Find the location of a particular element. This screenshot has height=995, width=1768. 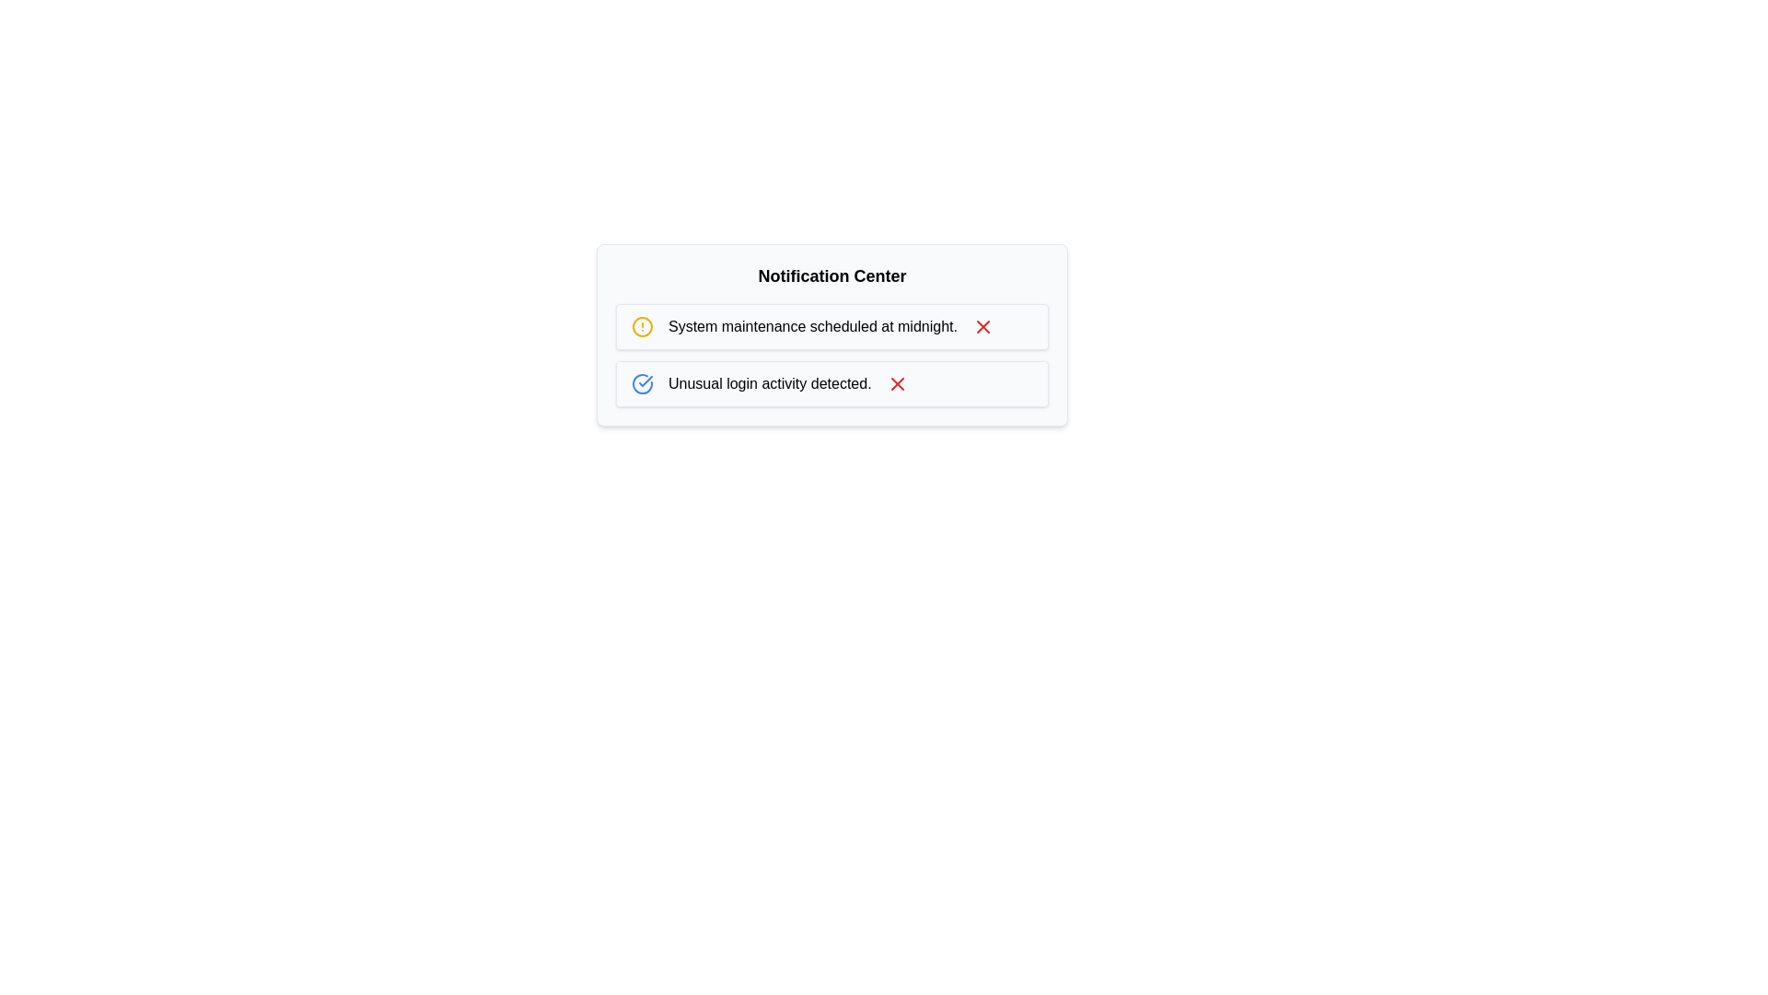

the status of the alert icon located to the far left of the notification card containing the text 'System maintenance scheduled at midnight.' is located at coordinates (642, 325).